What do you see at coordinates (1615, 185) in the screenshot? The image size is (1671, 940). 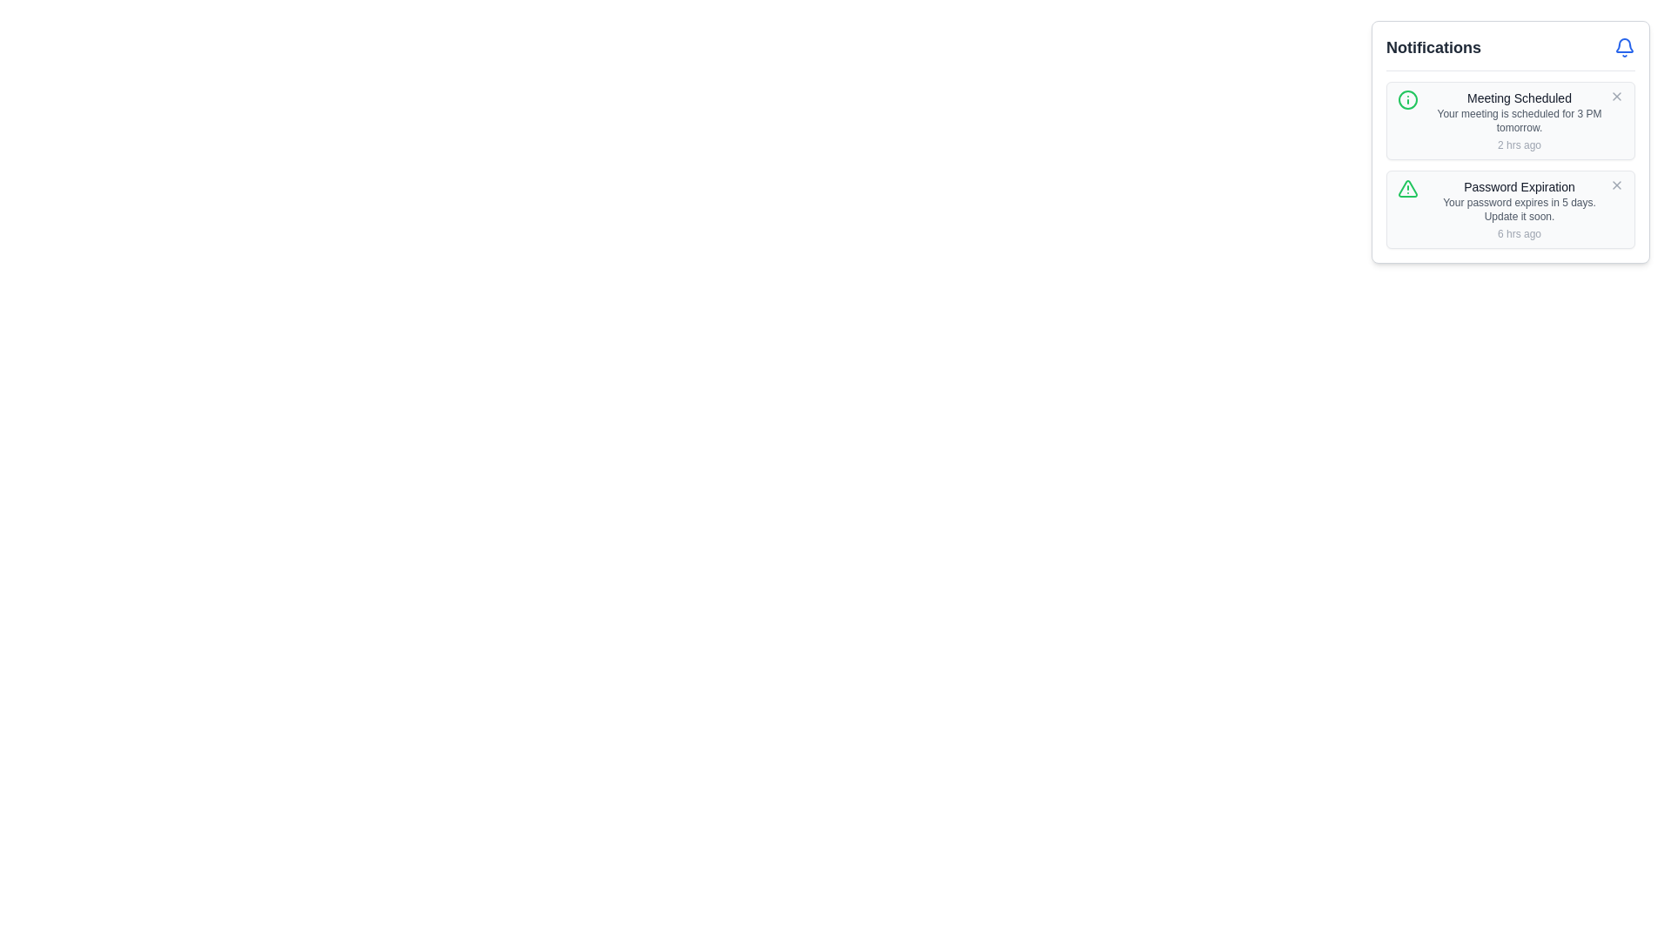 I see `the close button located at the top-right corner of the 'Password Expiration' notification box to trigger a hover state` at bounding box center [1615, 185].